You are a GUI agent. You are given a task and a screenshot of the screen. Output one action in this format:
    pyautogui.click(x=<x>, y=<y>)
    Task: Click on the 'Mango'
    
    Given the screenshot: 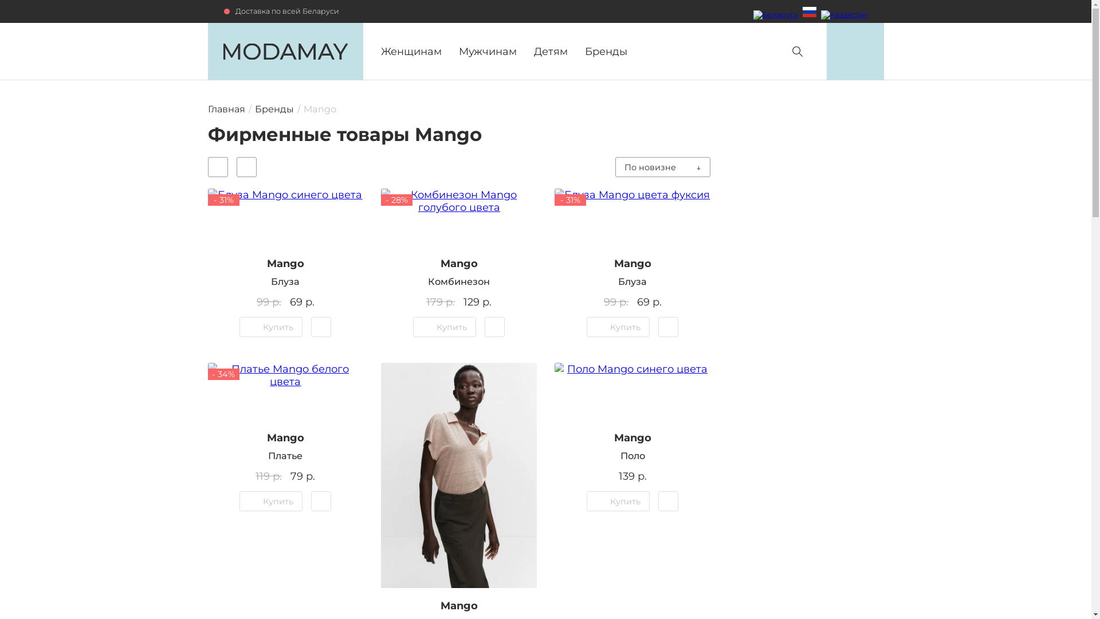 What is the action you would take?
    pyautogui.click(x=632, y=263)
    